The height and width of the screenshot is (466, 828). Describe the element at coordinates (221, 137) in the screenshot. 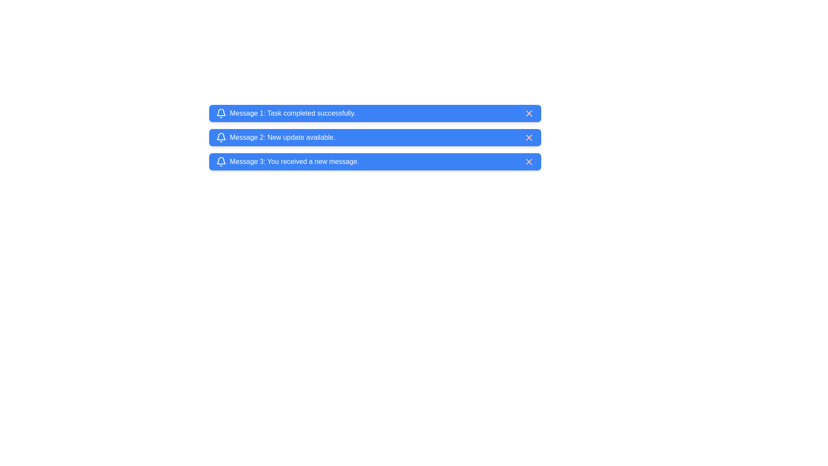

I see `the notification icon located to the immediate left of the text element in the notification row, which serves as a visual indicator for notifications` at that location.